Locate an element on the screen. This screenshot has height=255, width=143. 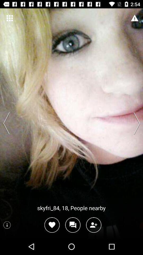
click add person is located at coordinates (93, 225).